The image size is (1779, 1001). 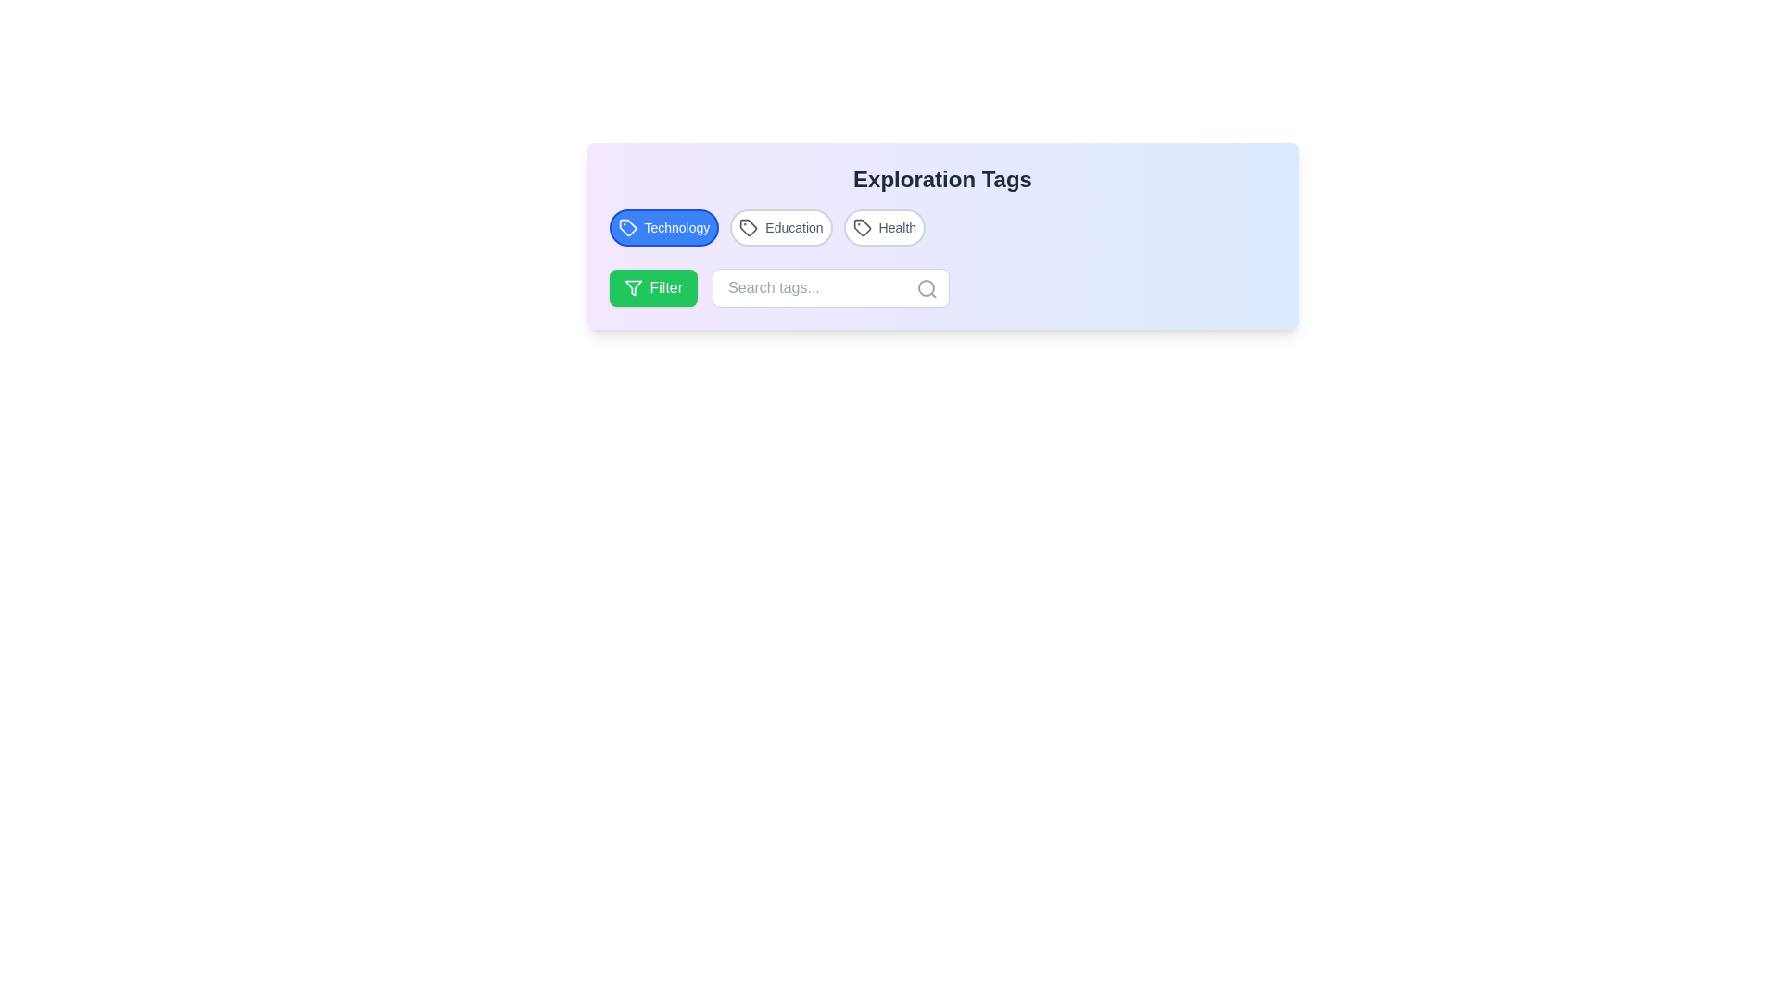 What do you see at coordinates (830, 288) in the screenshot?
I see `the search input field and type the text 'example'` at bounding box center [830, 288].